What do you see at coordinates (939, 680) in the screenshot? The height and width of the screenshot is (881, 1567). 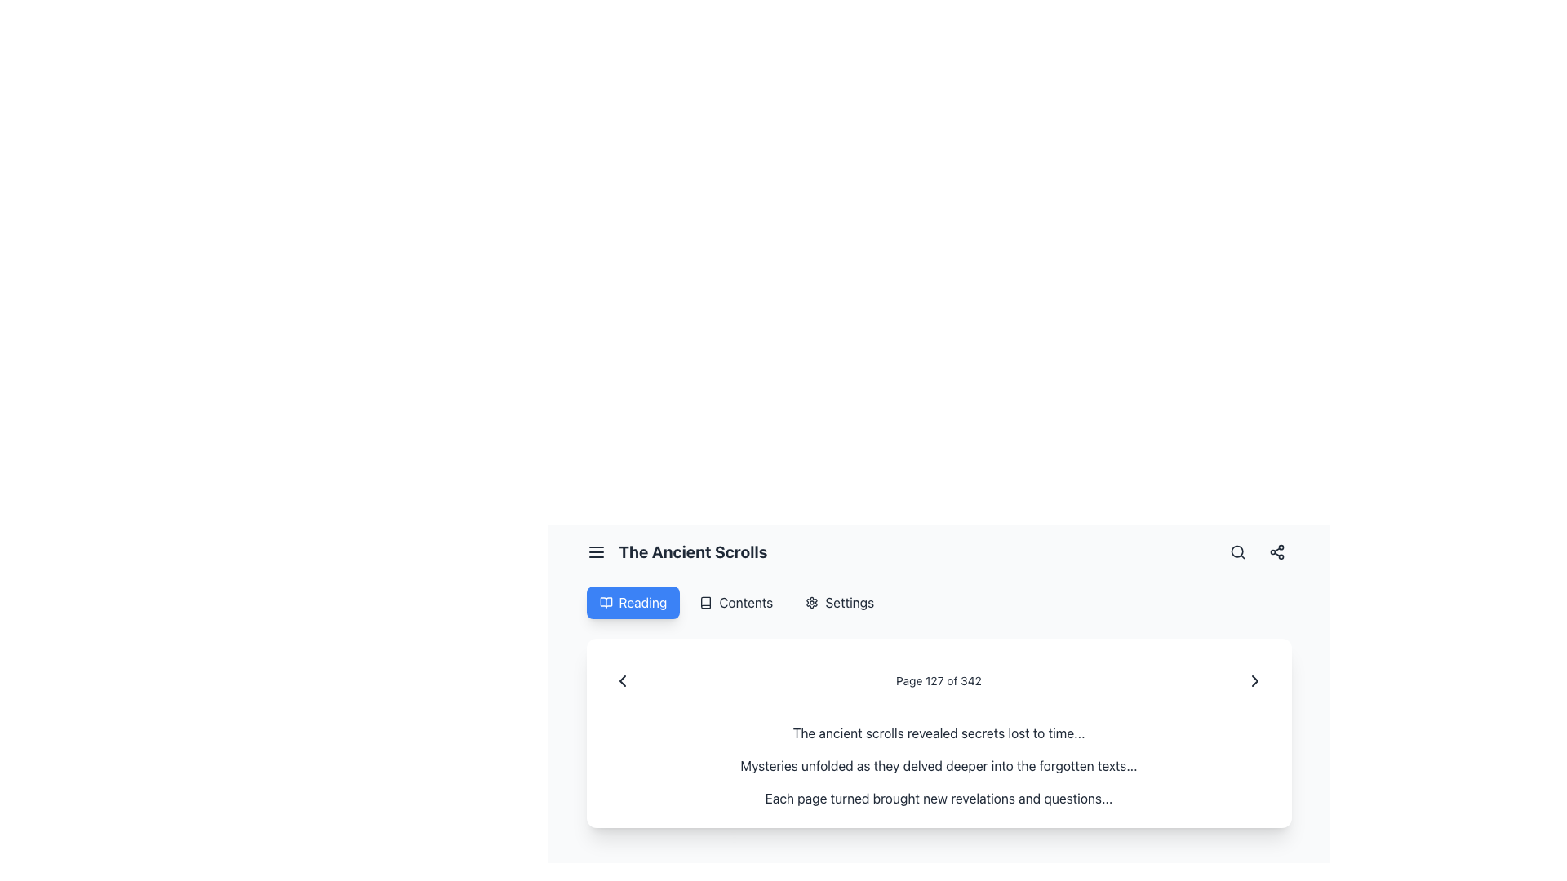 I see `the static text display that indicates the current page number and total number of pages, positioned between the navigation arrows at the upper-middle part of the page` at bounding box center [939, 680].